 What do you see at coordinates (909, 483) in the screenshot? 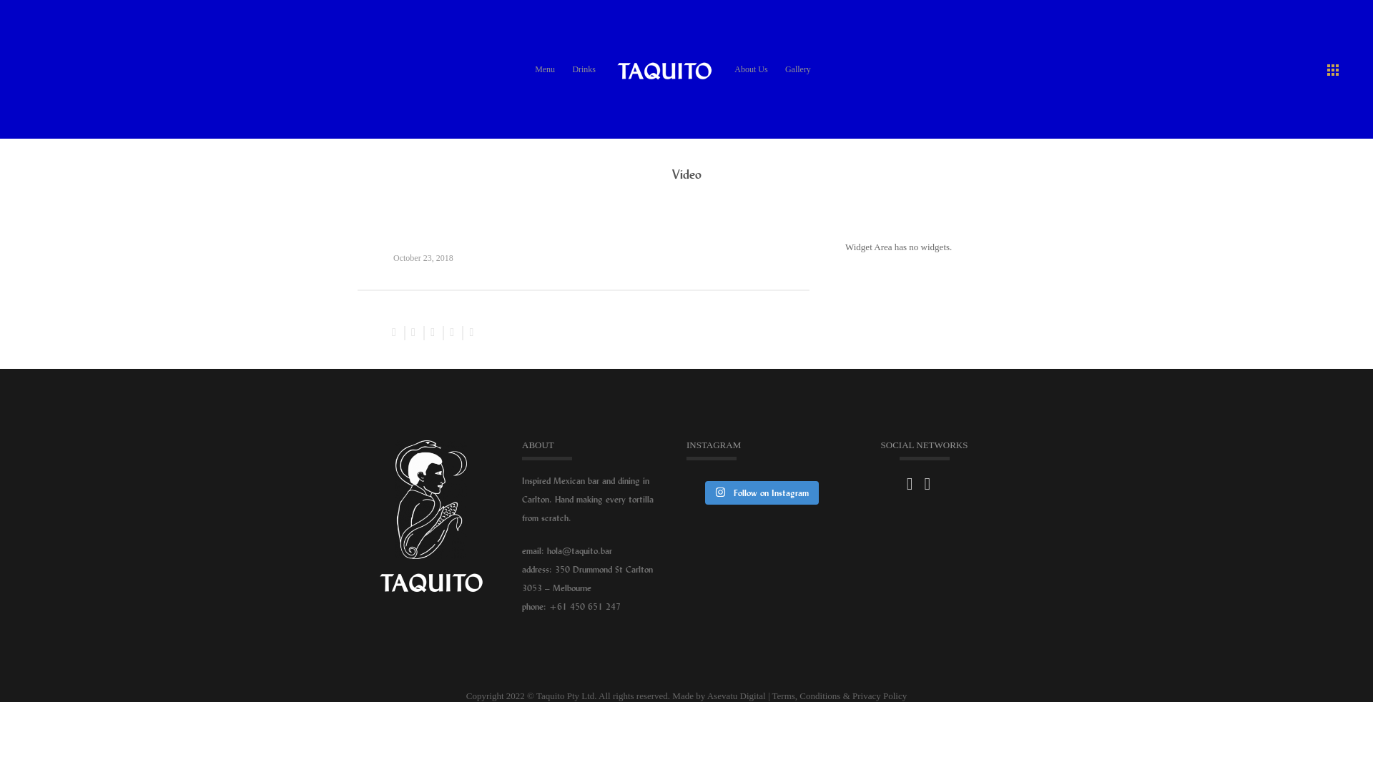
I see `'Follow Us on facebook'` at bounding box center [909, 483].